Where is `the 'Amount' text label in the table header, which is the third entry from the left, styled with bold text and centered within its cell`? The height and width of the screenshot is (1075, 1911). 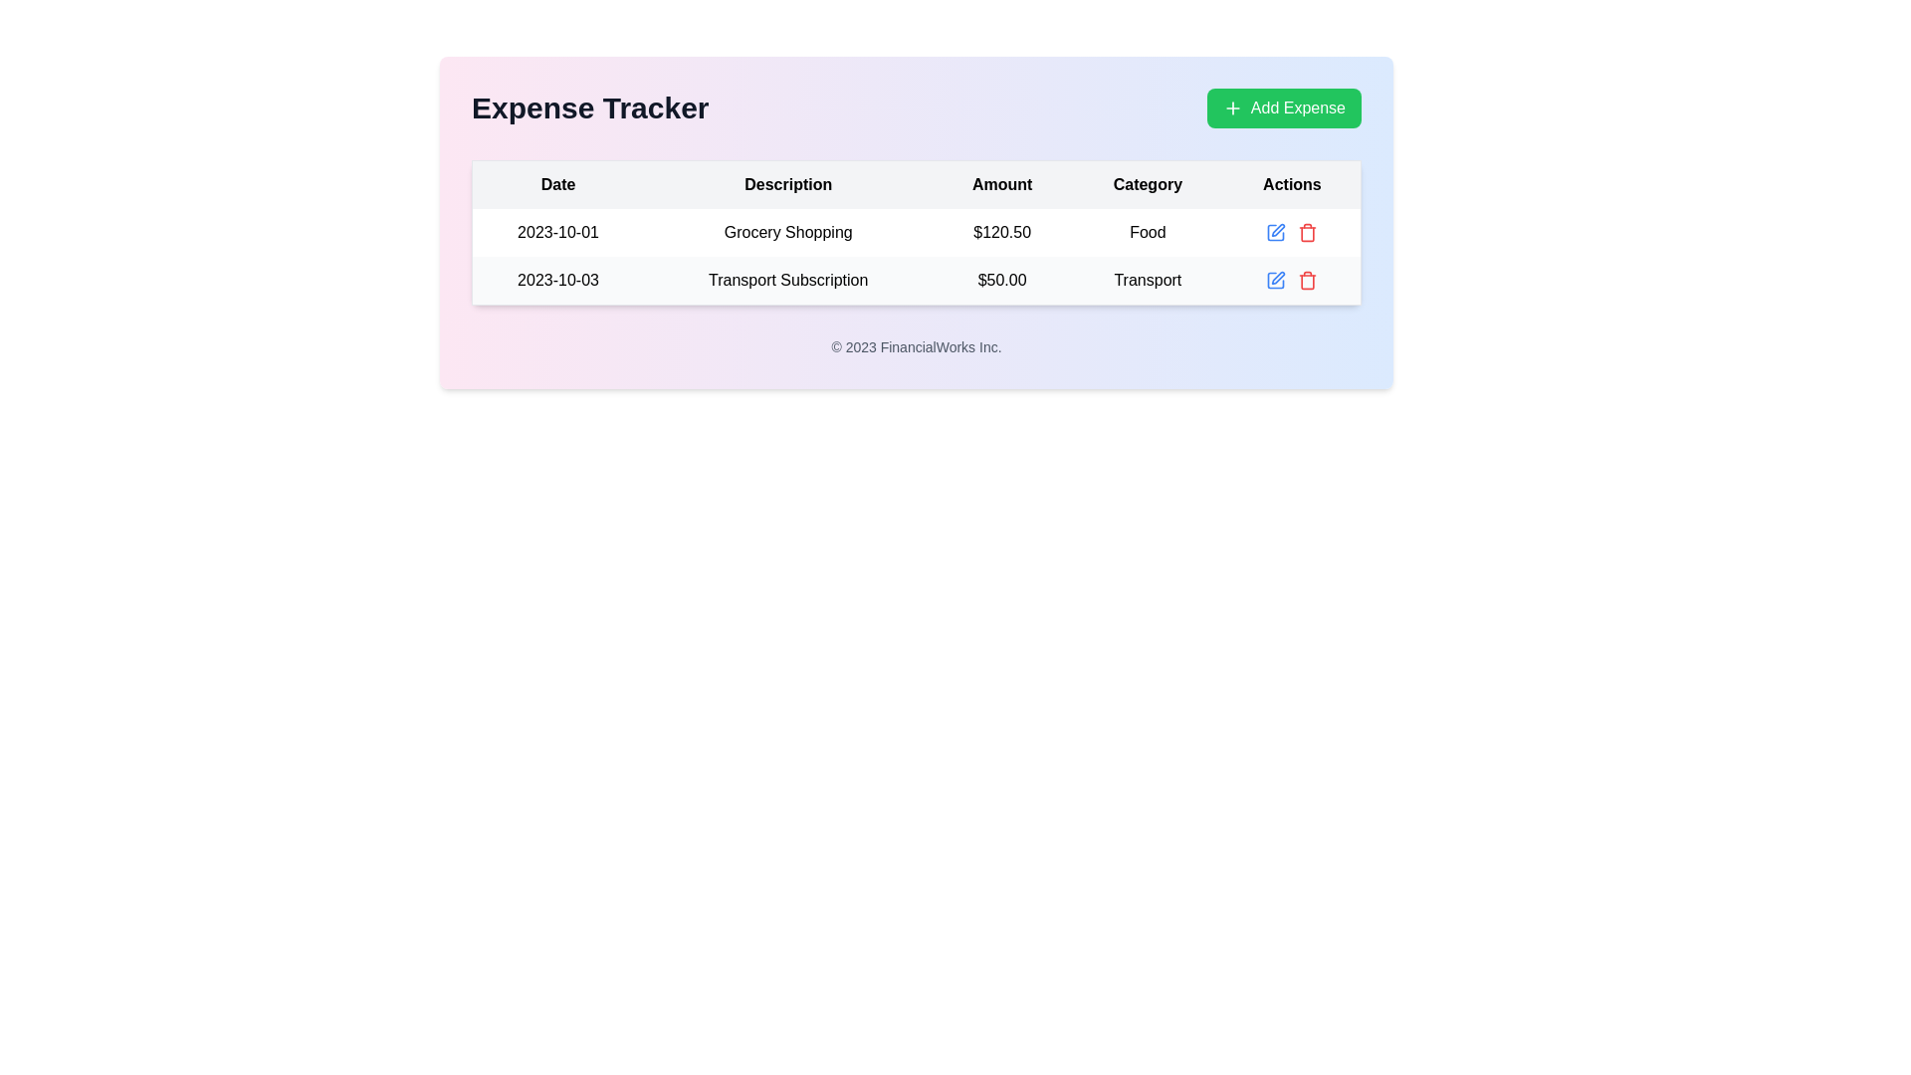
the 'Amount' text label in the table header, which is the third entry from the left, styled with bold text and centered within its cell is located at coordinates (1002, 184).